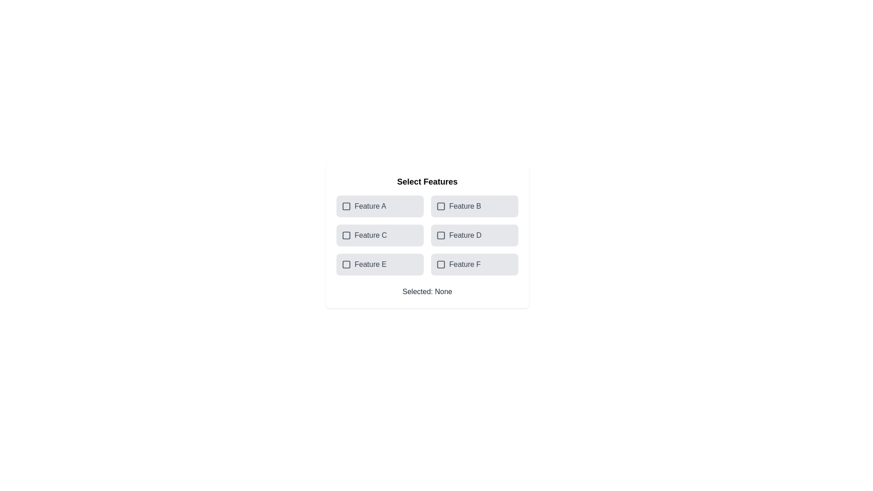  Describe the element at coordinates (370, 206) in the screenshot. I see `the 'Feature A' label, which is positioned in the top-left cell of the feature selection matrix adjacent to the checkbox` at that location.